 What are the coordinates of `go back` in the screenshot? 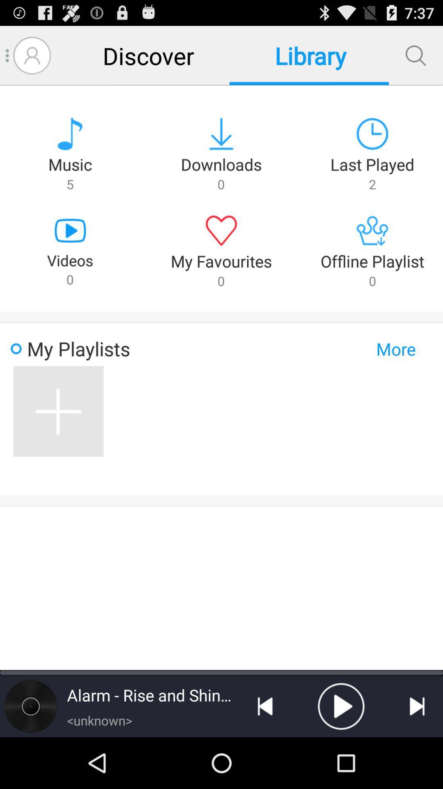 It's located at (265, 706).